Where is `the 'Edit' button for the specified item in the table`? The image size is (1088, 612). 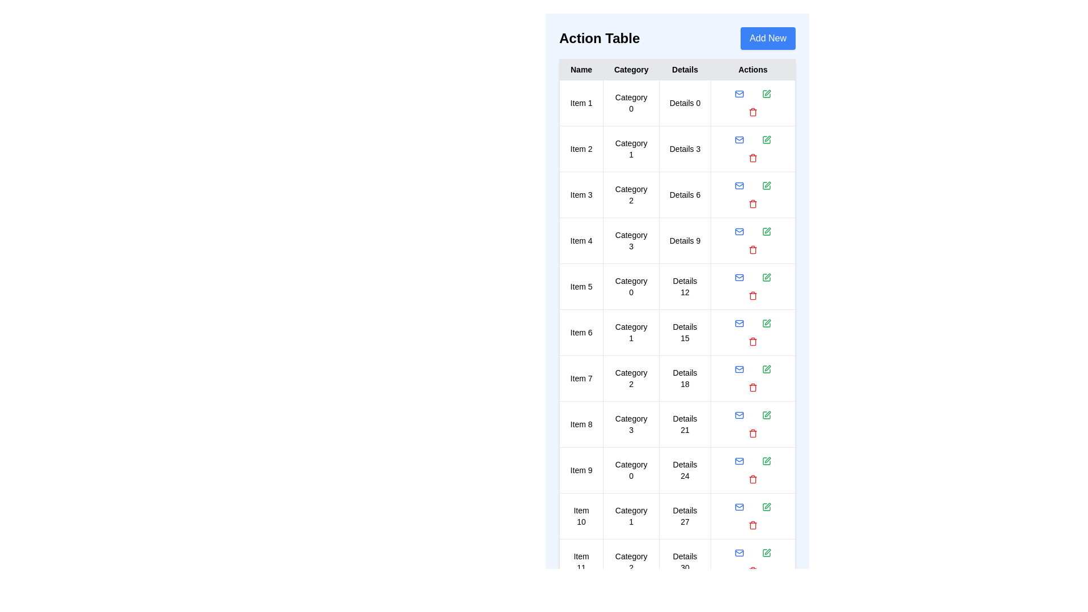 the 'Edit' button for the specified item in the table is located at coordinates (766, 93).